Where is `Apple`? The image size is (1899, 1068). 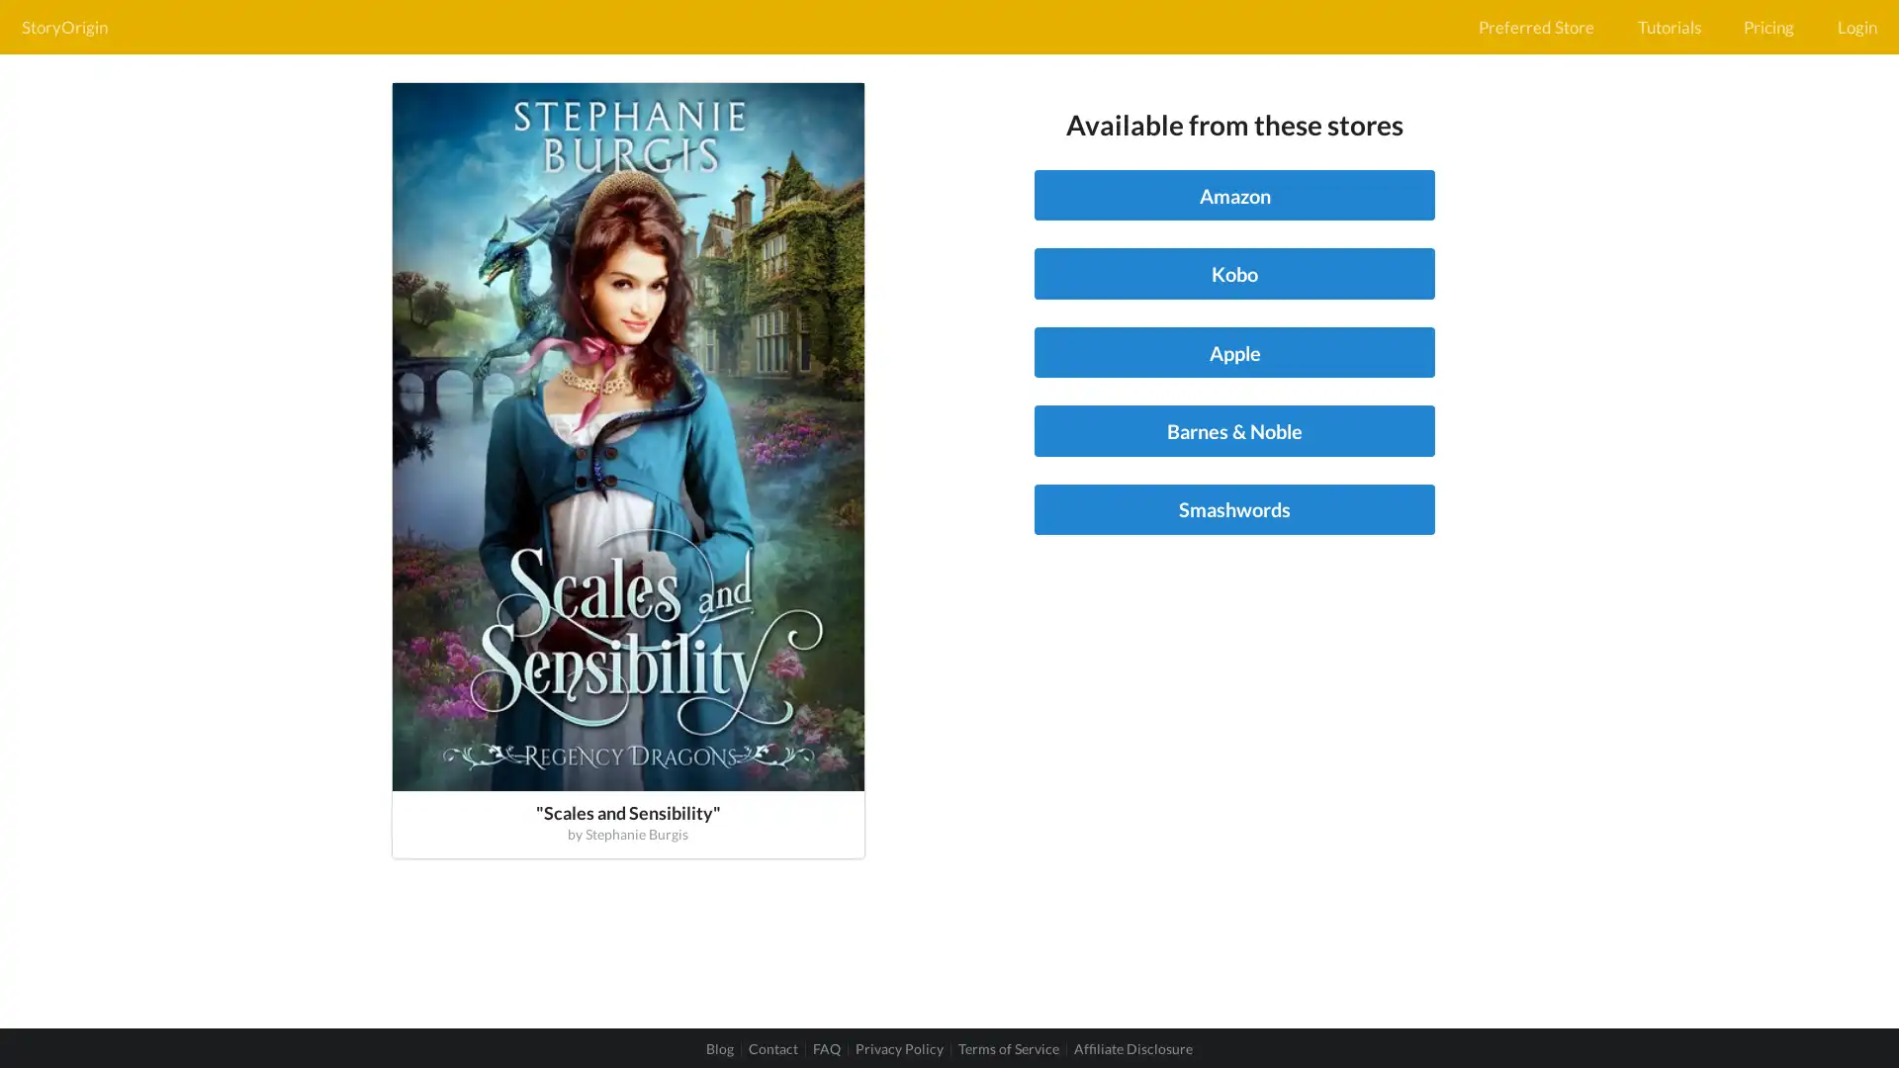 Apple is located at coordinates (1233, 350).